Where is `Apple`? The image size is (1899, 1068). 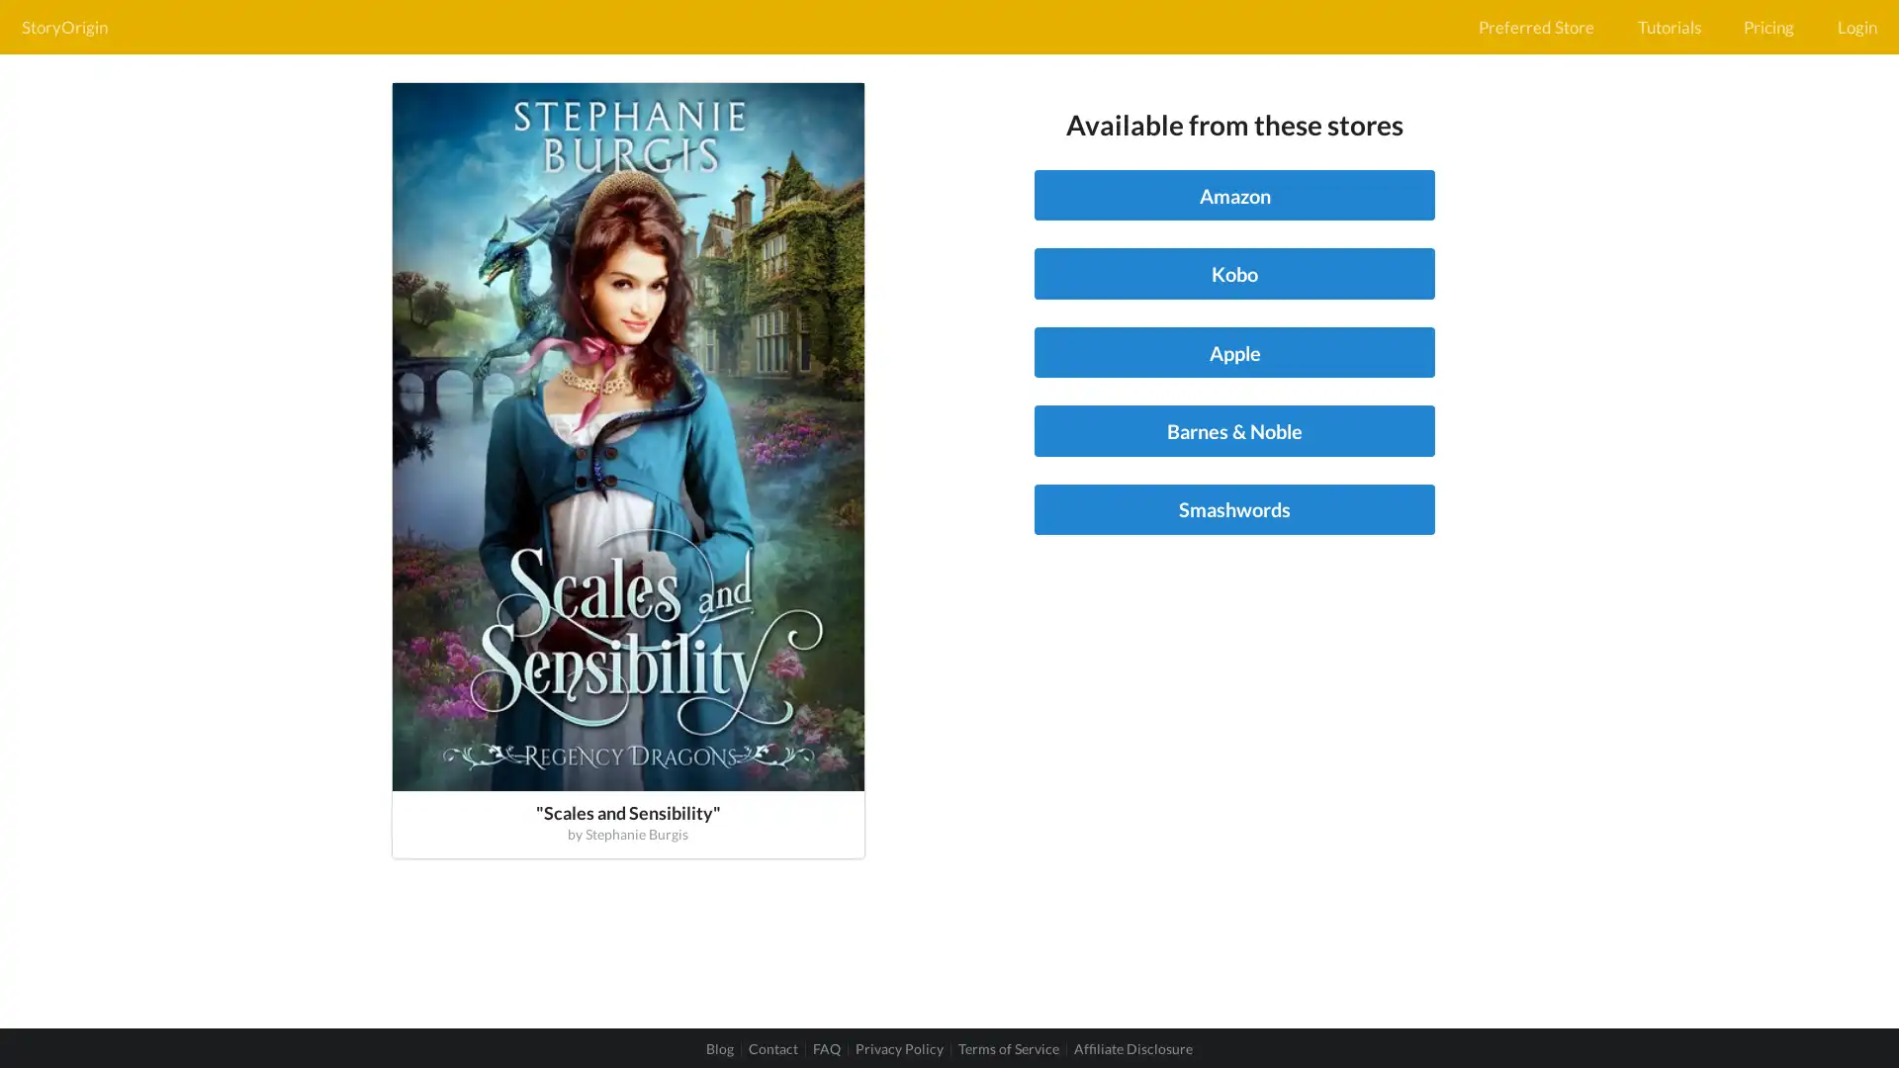 Apple is located at coordinates (1233, 350).